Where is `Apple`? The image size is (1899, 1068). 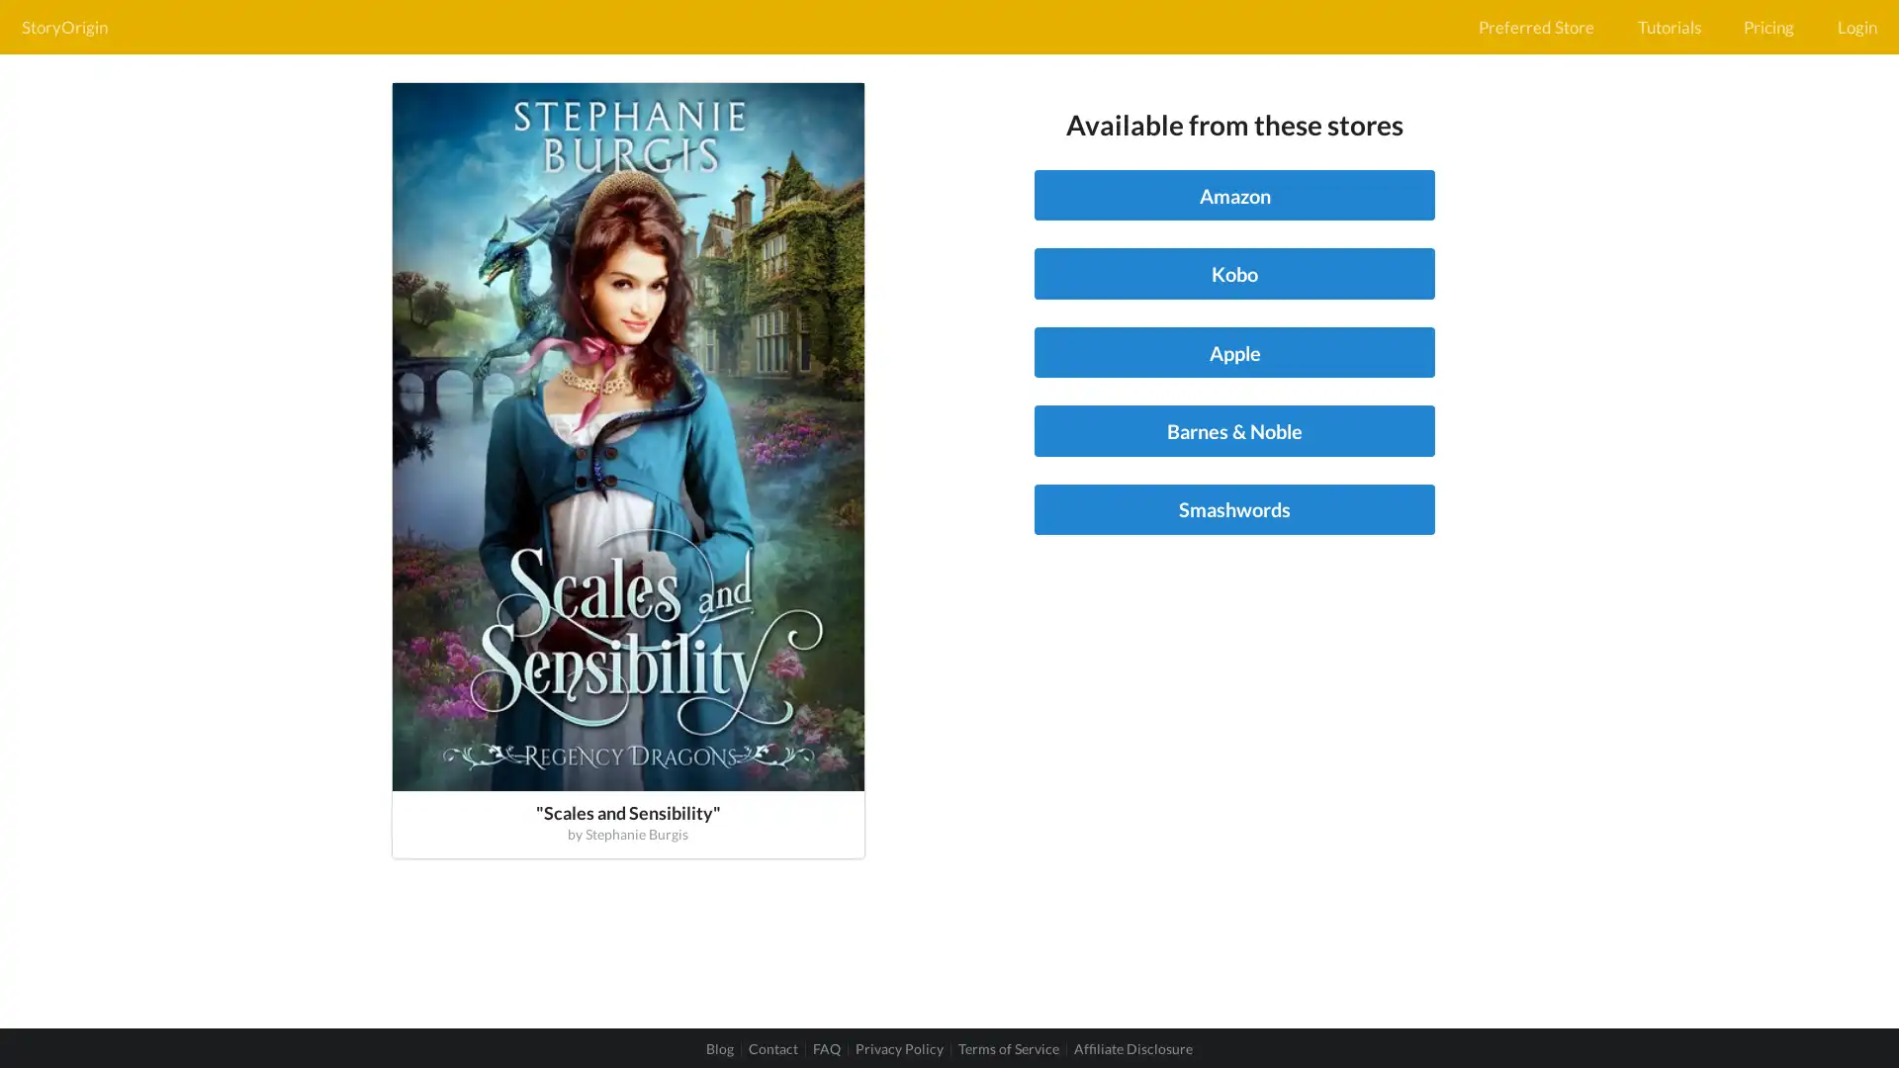 Apple is located at coordinates (1233, 350).